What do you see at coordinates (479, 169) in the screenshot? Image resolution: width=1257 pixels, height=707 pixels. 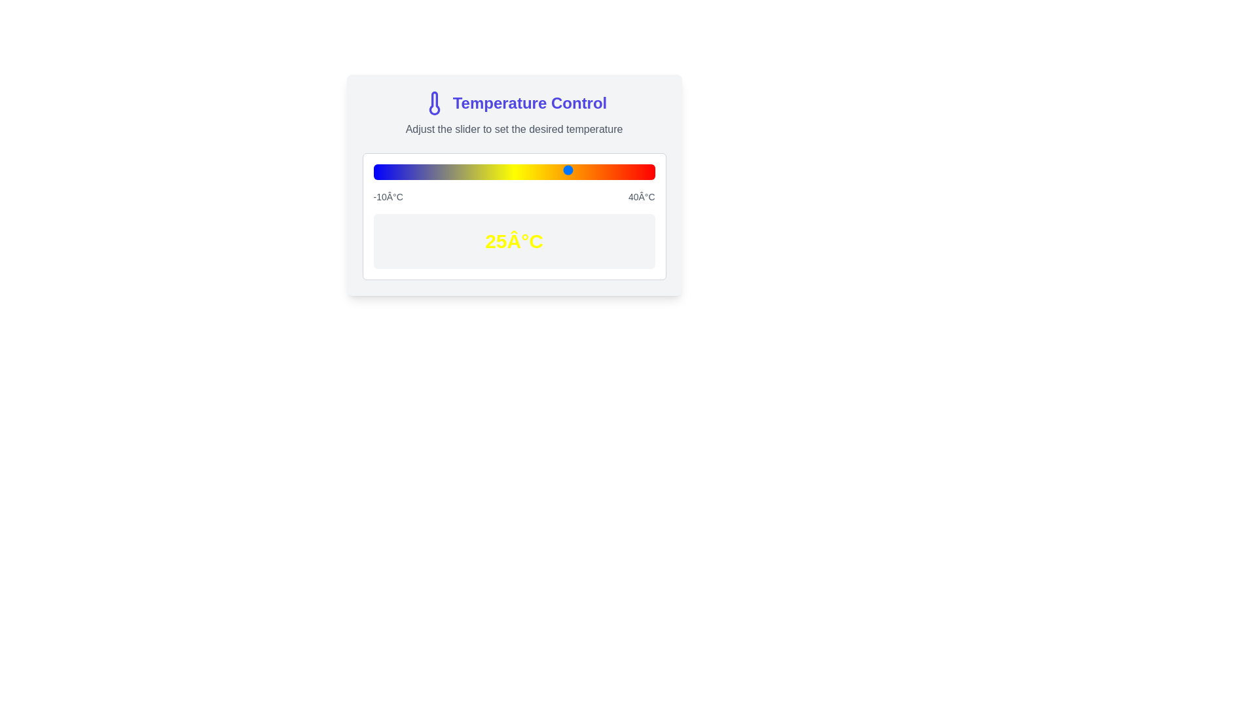 I see `the temperature slider to set the temperature to 9°C` at bounding box center [479, 169].